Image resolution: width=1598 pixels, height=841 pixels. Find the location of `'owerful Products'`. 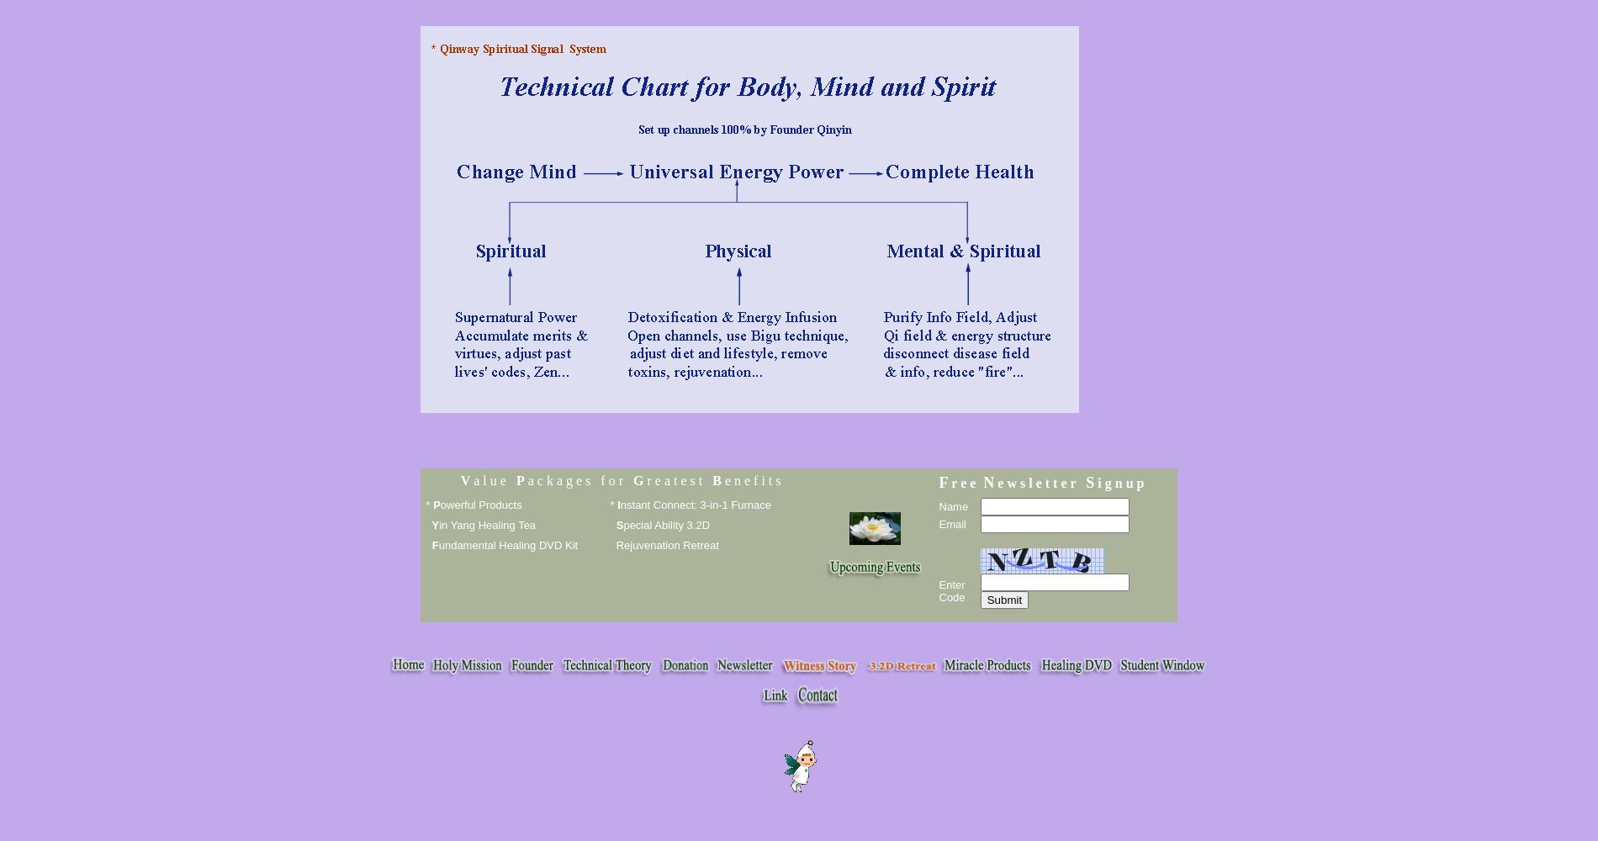

'owerful Products' is located at coordinates (480, 503).